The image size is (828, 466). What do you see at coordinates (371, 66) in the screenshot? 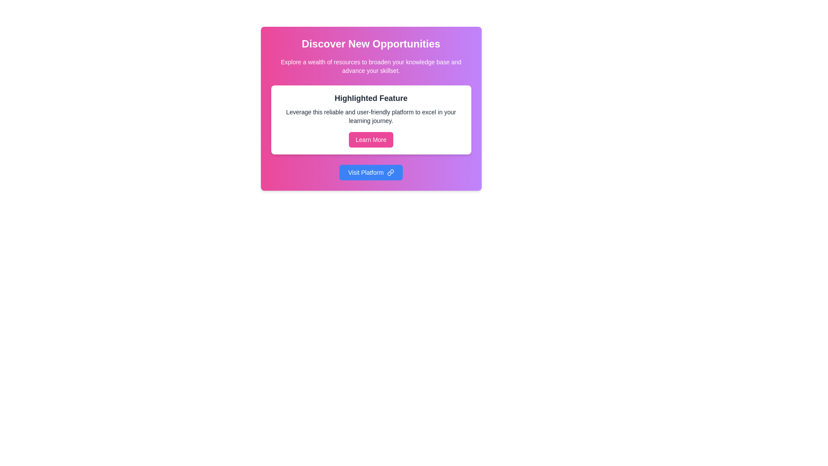
I see `the informative Text label describing the purpose or benefits of the platform, positioned beneath the heading 'Discover New Opportunities'` at bounding box center [371, 66].